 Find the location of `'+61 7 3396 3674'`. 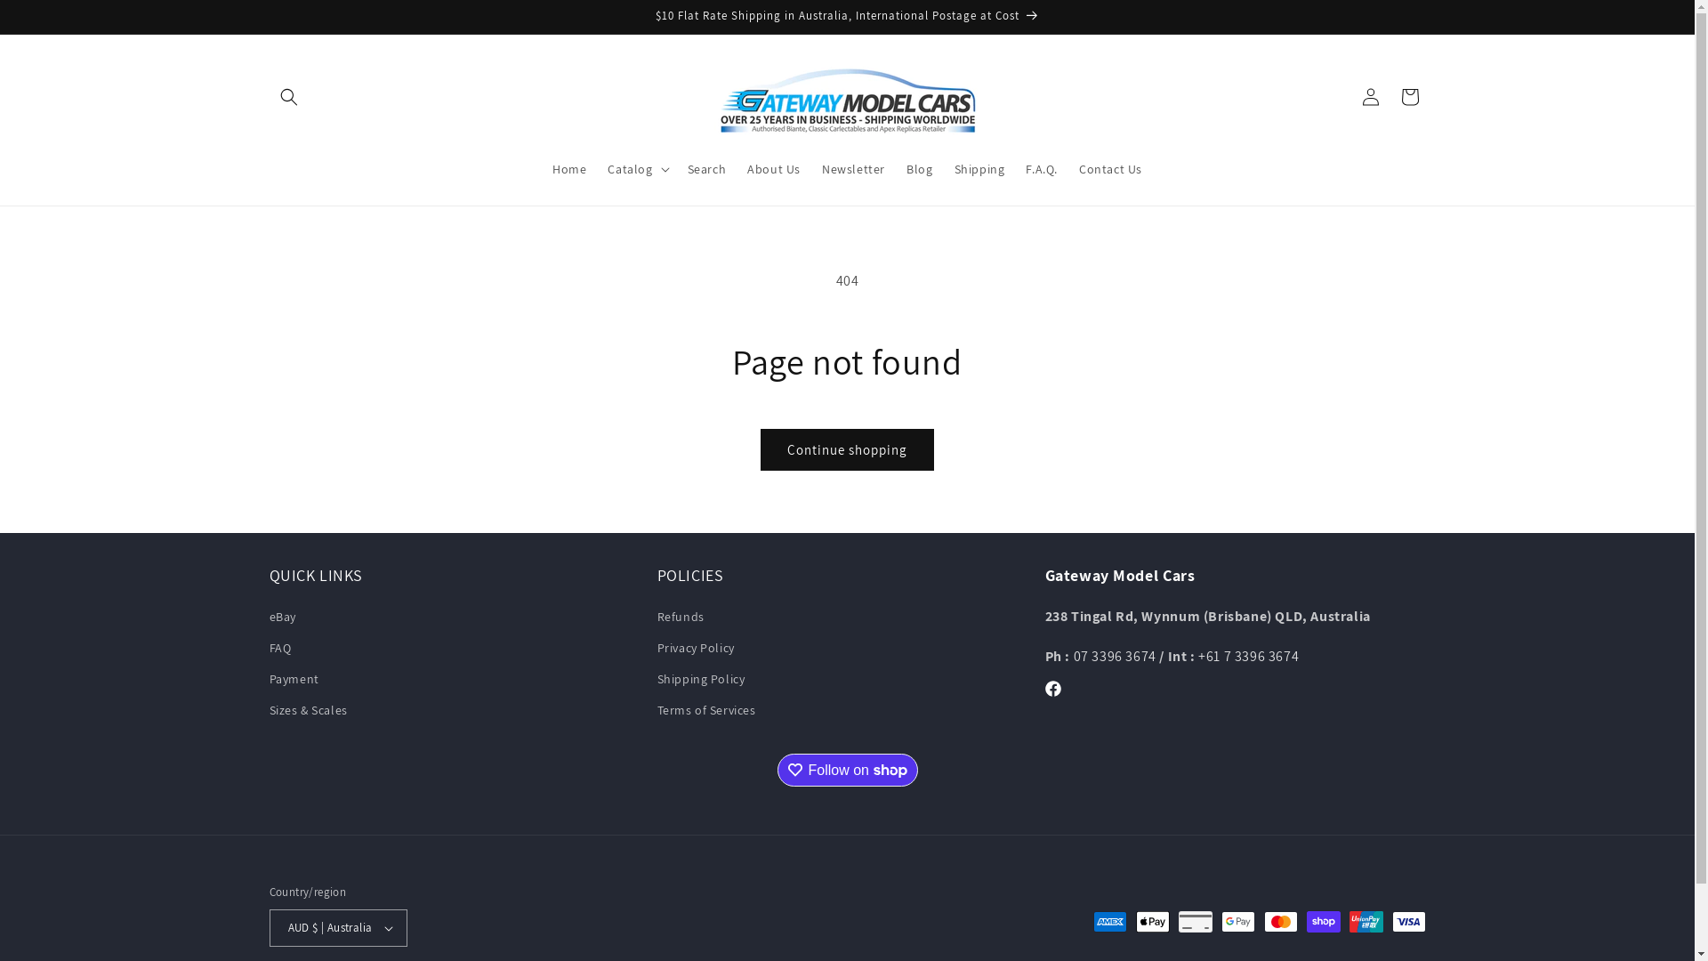

'+61 7 3396 3674' is located at coordinates (1198, 656).